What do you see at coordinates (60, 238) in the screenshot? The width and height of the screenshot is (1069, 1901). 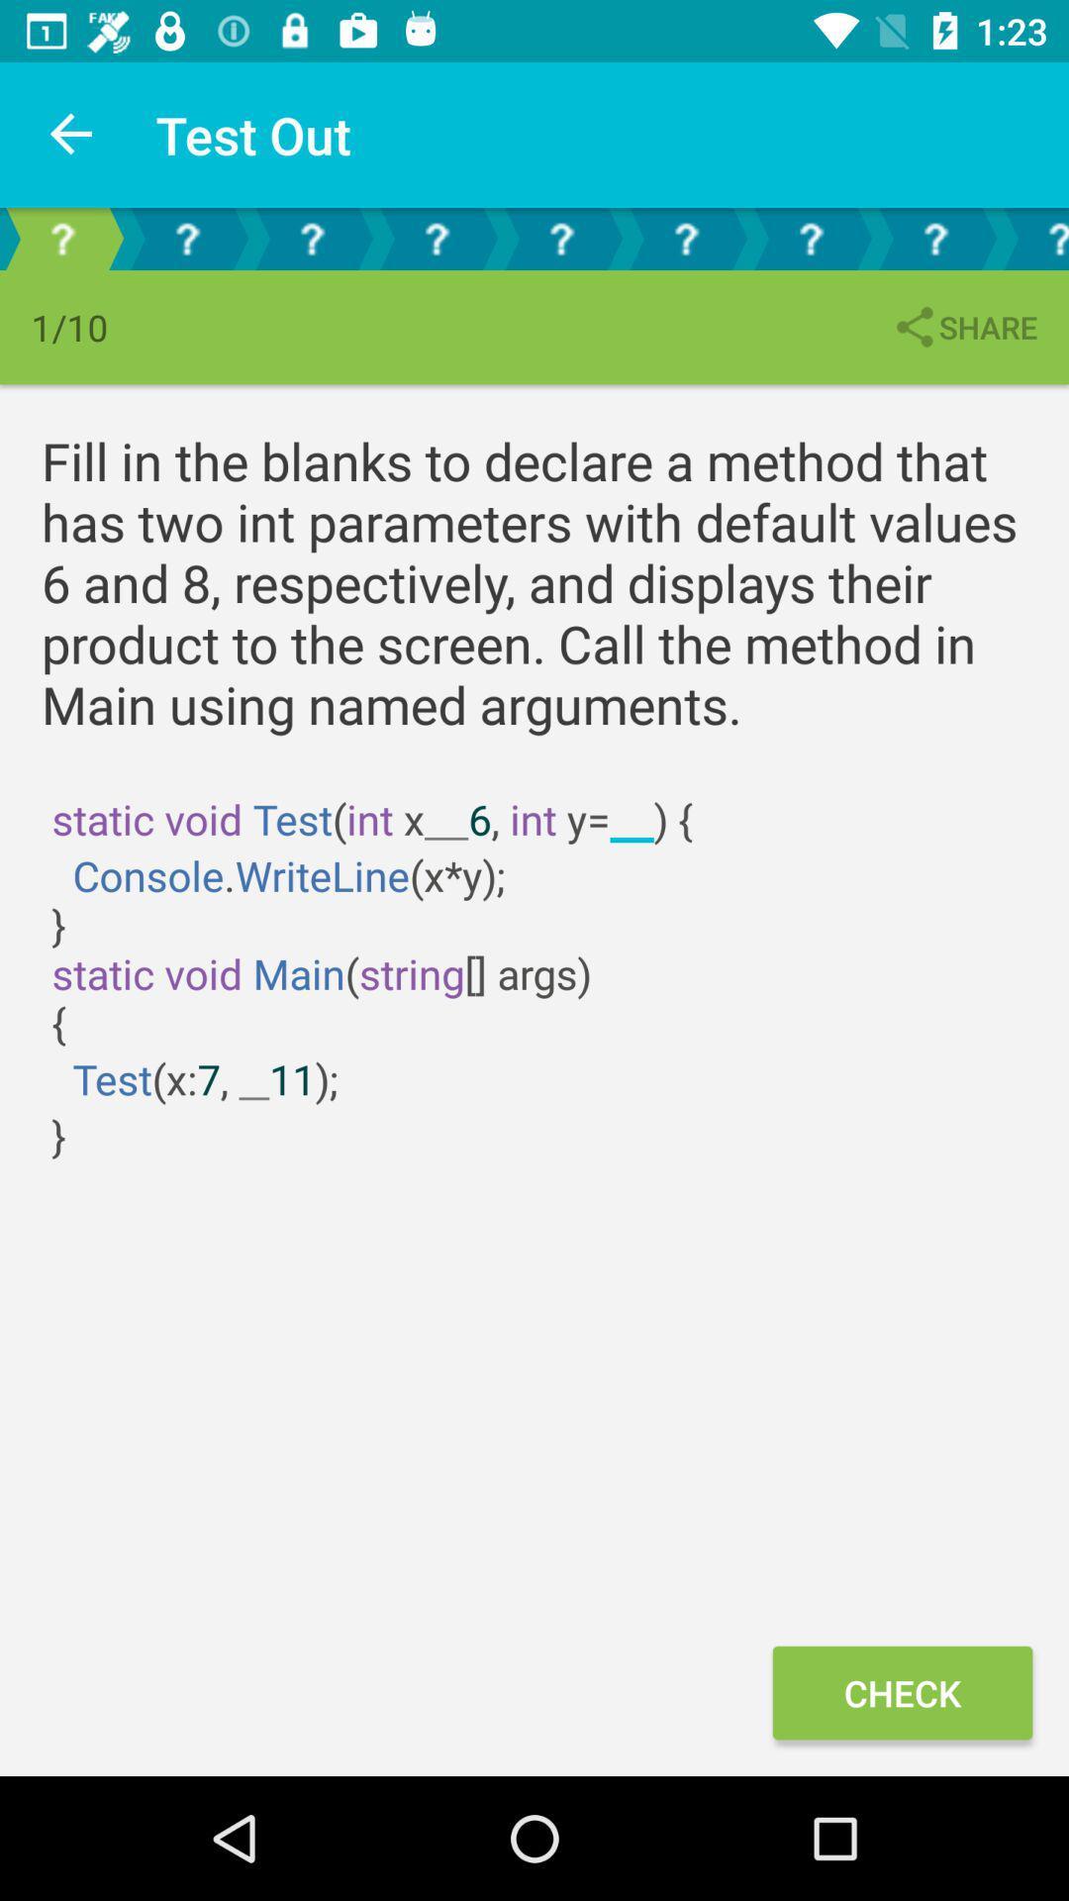 I see `the help icon` at bounding box center [60, 238].